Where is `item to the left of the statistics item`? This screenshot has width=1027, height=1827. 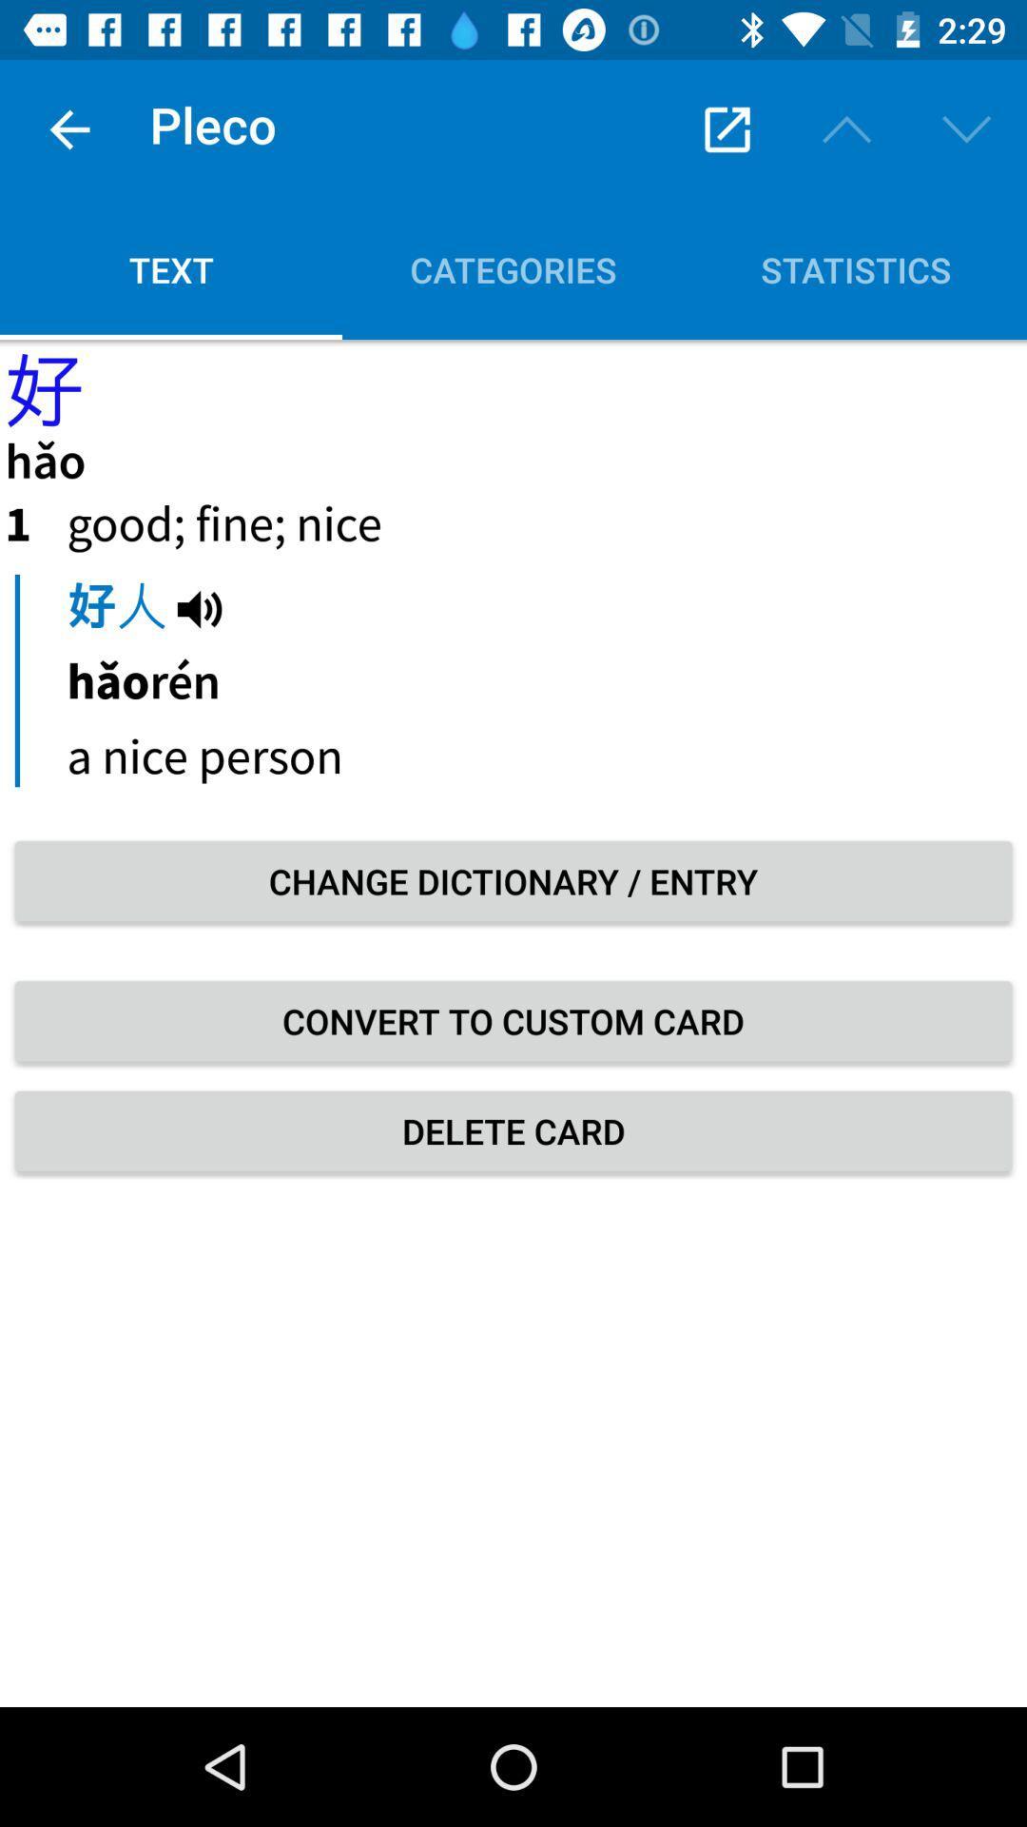 item to the left of the statistics item is located at coordinates (513, 268).